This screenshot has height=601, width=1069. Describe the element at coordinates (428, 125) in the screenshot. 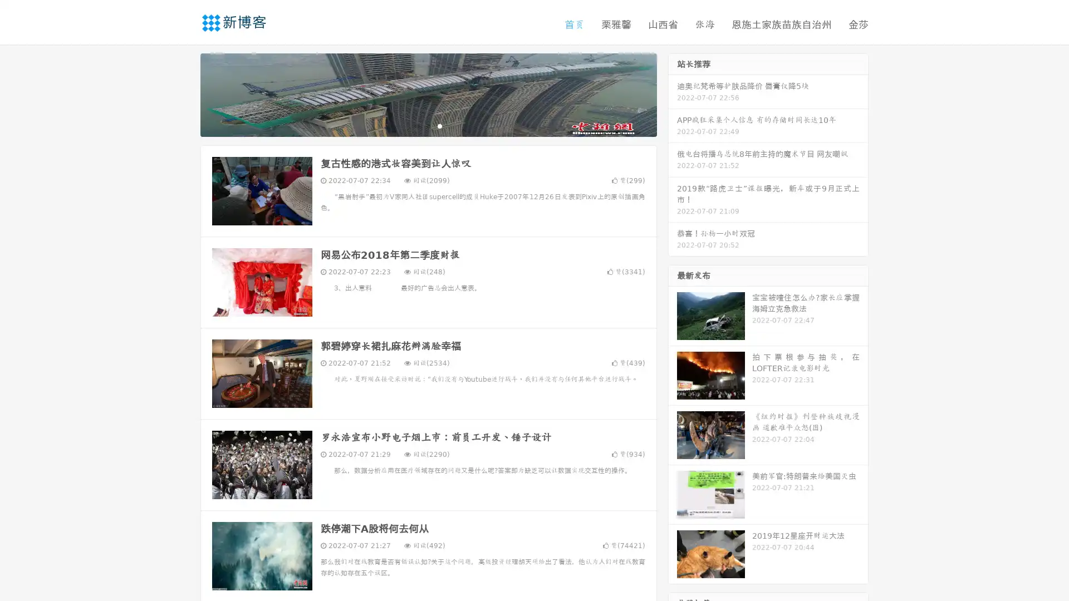

I see `Go to slide 2` at that location.